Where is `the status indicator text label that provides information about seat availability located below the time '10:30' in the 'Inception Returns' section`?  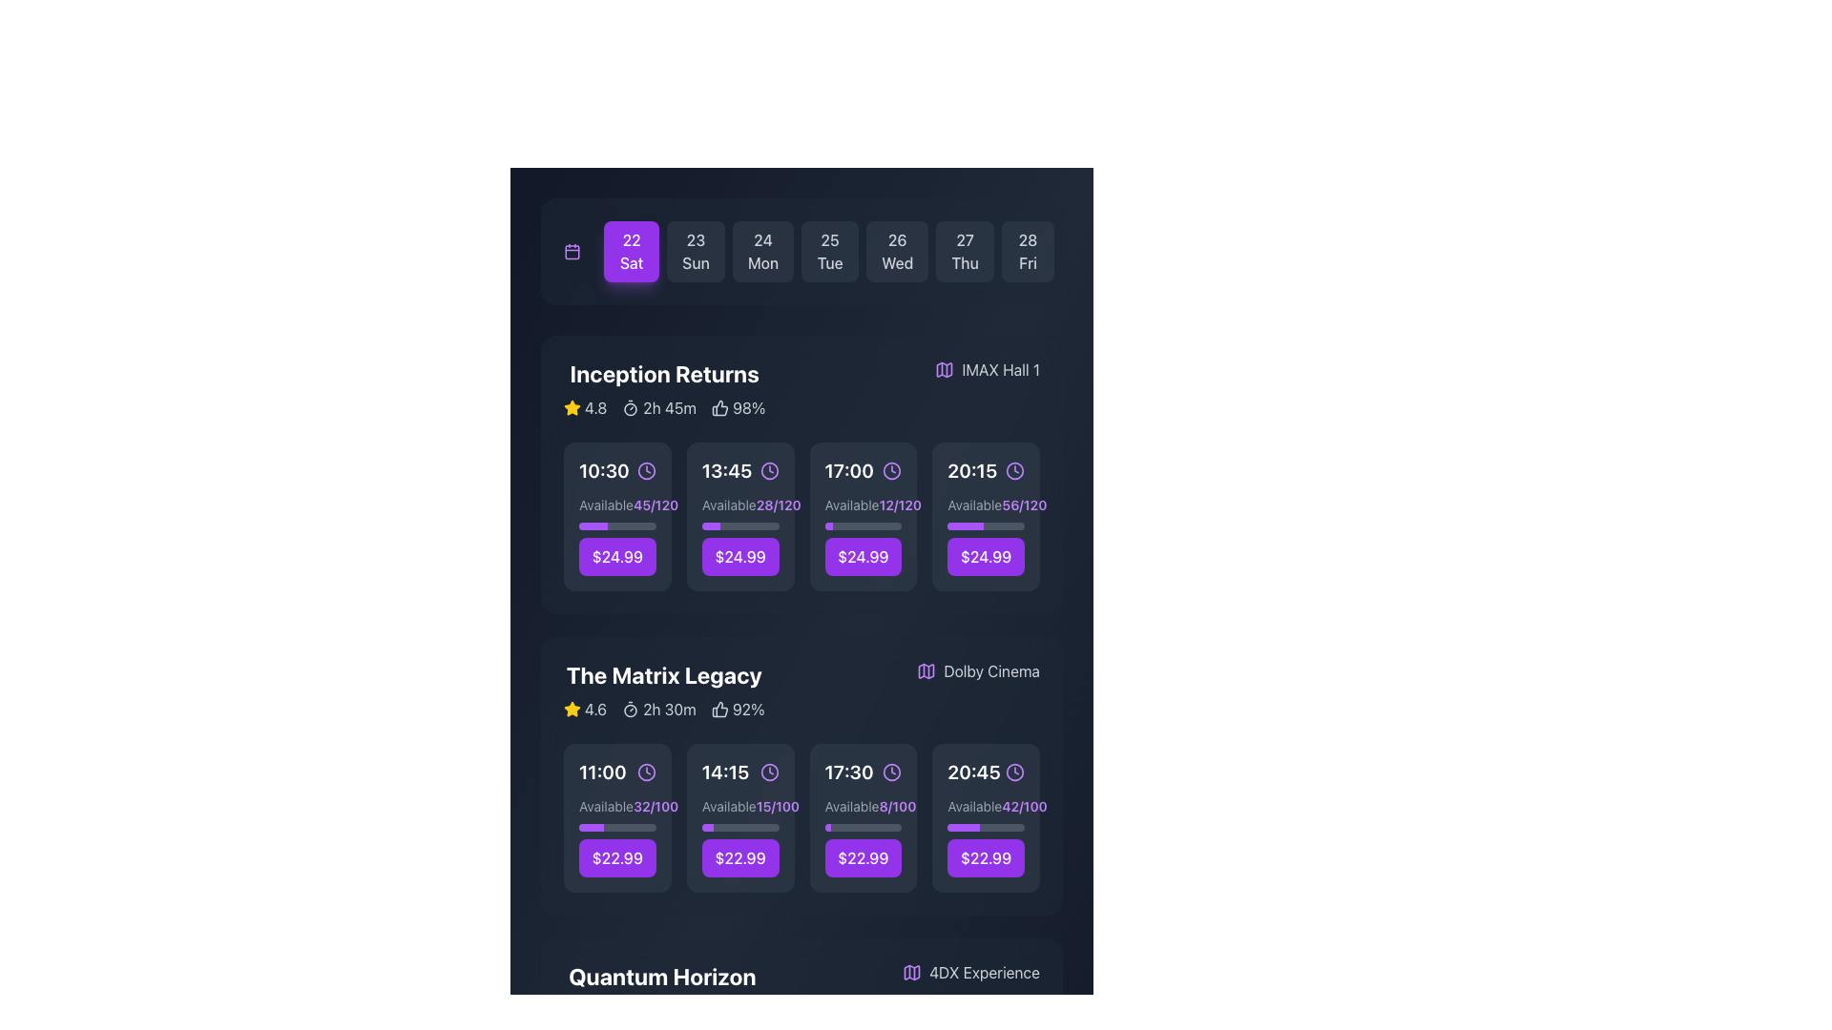
the status indicator text label that provides information about seat availability located below the time '10:30' in the 'Inception Returns' section is located at coordinates (617, 504).